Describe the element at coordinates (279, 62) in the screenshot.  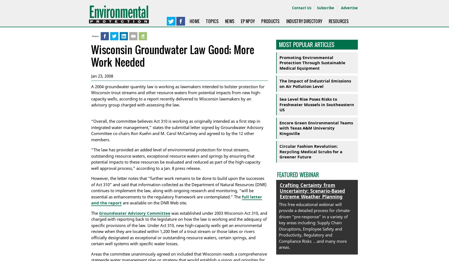
I see `'Promoting Environmental Protection Through Sustainable Medical Equipment'` at that location.